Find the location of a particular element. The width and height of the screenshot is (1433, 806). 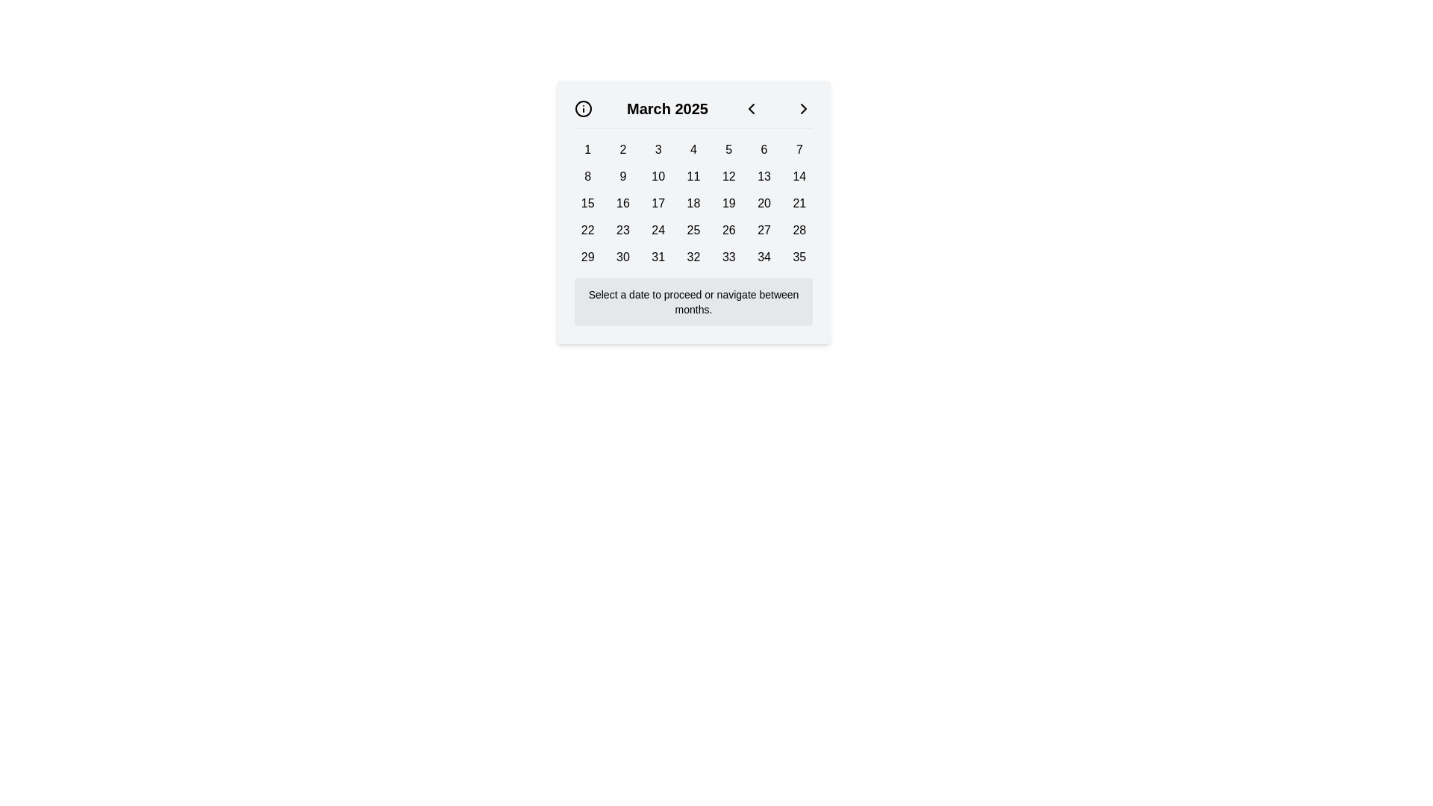

the button is located at coordinates (764, 175).